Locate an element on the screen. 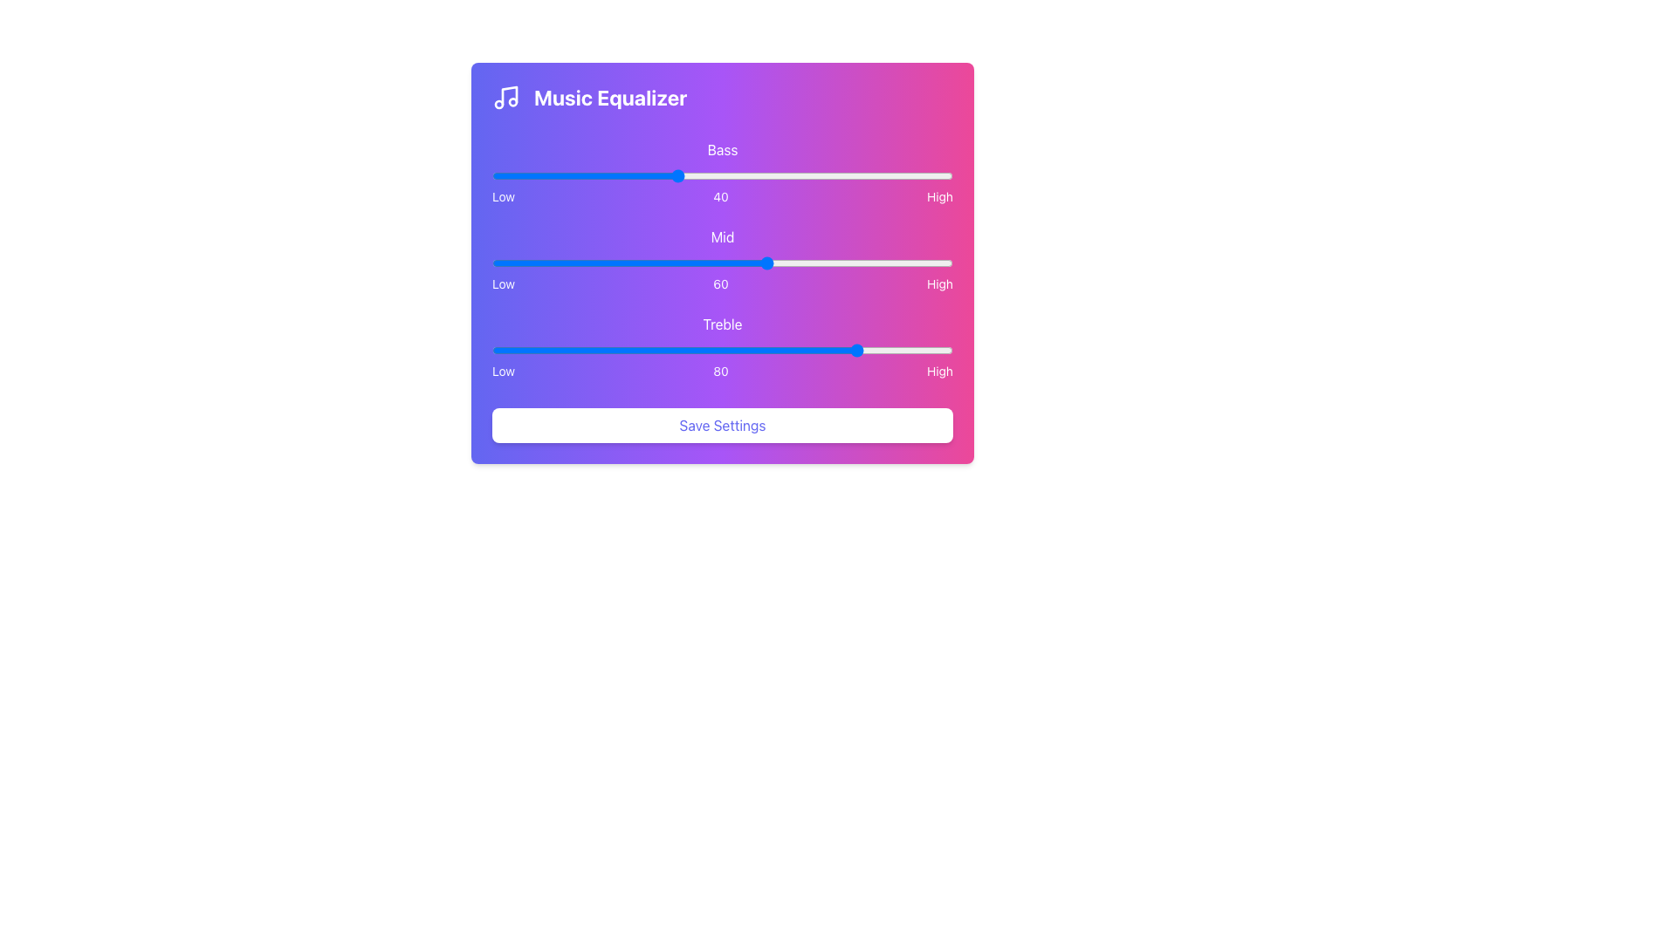 Image resolution: width=1676 pixels, height=942 pixels. the 'Mid' slider is located at coordinates (690, 263).